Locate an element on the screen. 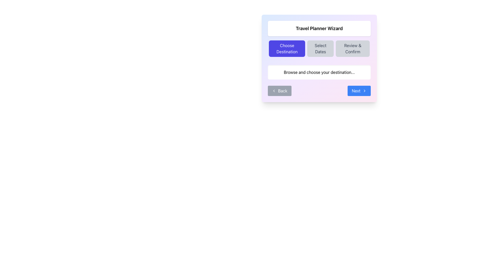  the 'Back' button with a rounded border and gray background is located at coordinates (279, 91).